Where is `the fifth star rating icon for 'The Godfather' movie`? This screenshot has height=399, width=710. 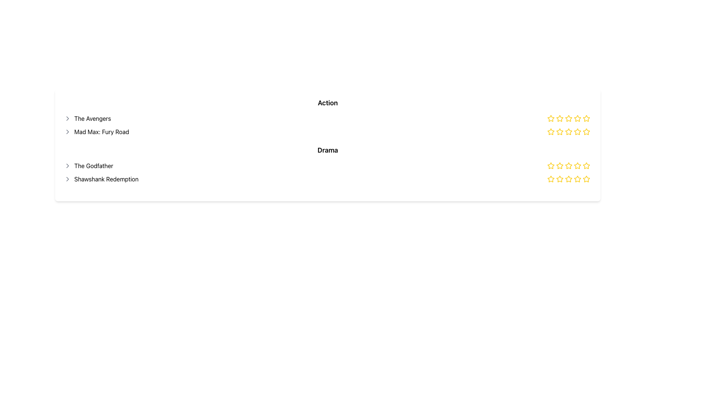
the fifth star rating icon for 'The Godfather' movie is located at coordinates (568, 165).